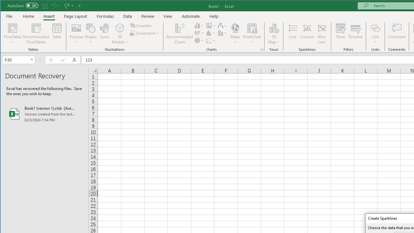 The width and height of the screenshot is (414, 233). Describe the element at coordinates (322, 34) in the screenshot. I see `'Win/Loss'` at that location.